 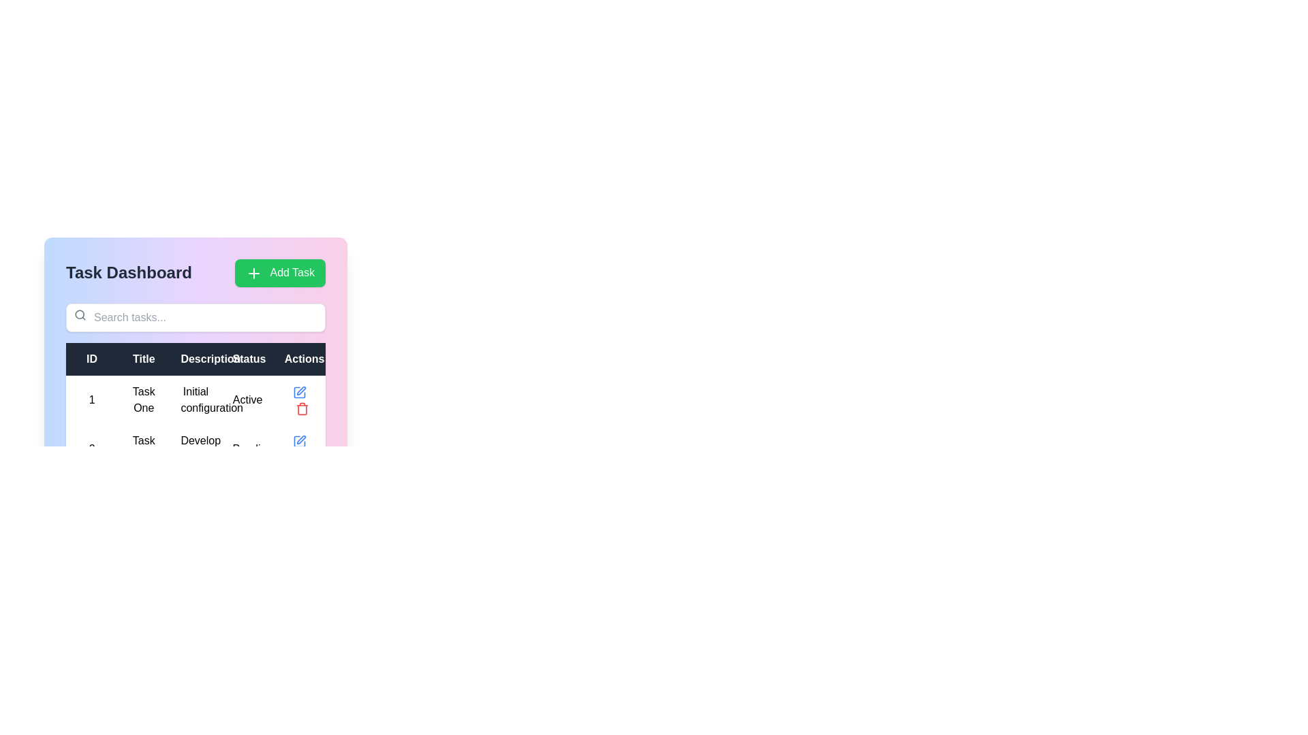 I want to click on the Table header row that labels the columns of the table, positioned near the center horizontally at the top of the table, so click(x=195, y=358).